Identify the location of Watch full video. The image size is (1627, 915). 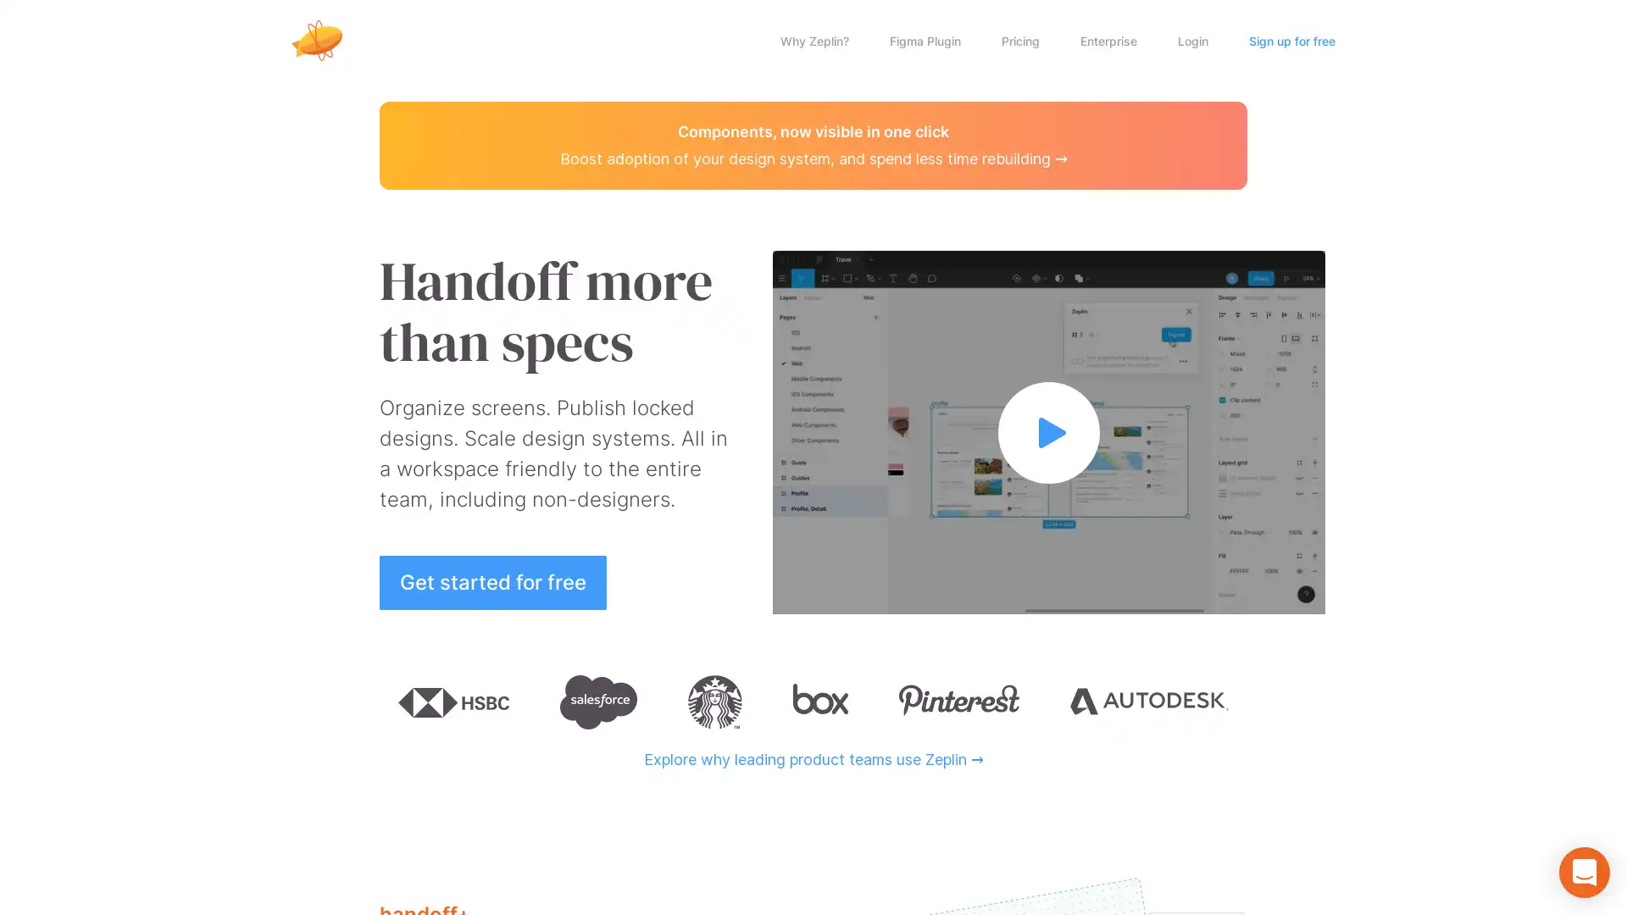
(1048, 431).